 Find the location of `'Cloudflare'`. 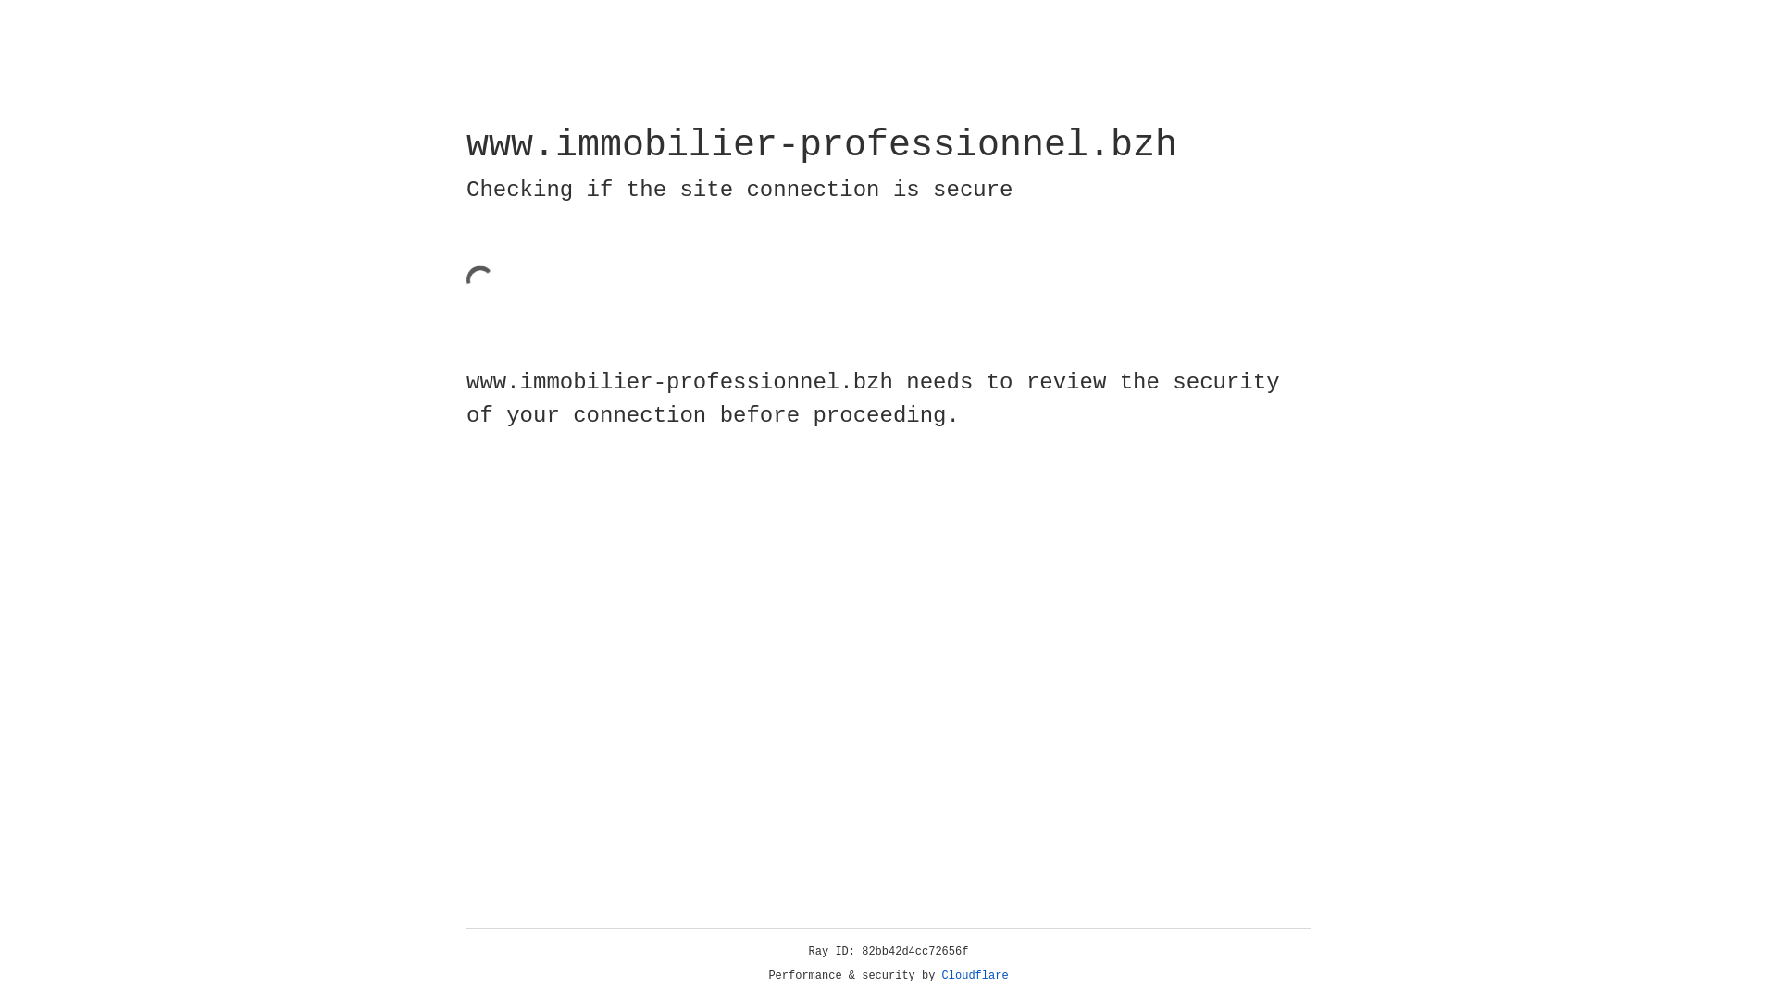

'Cloudflare' is located at coordinates (975, 975).